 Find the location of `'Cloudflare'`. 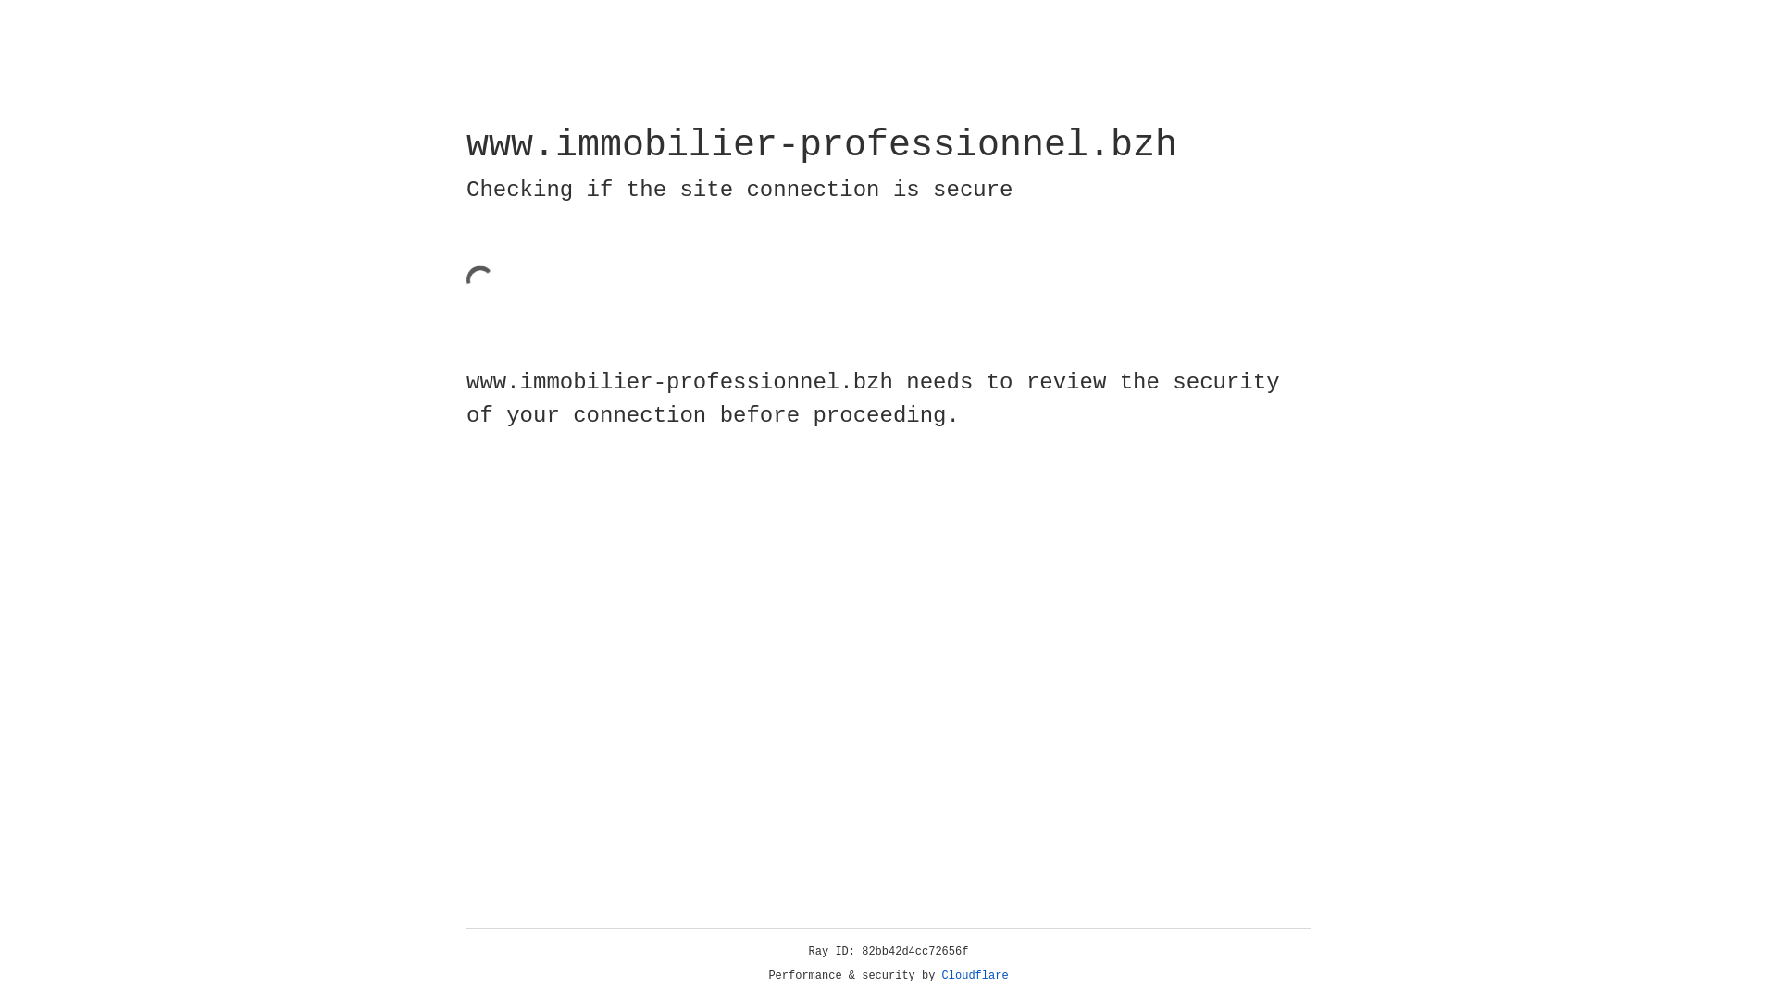

'Cloudflare' is located at coordinates (975, 975).